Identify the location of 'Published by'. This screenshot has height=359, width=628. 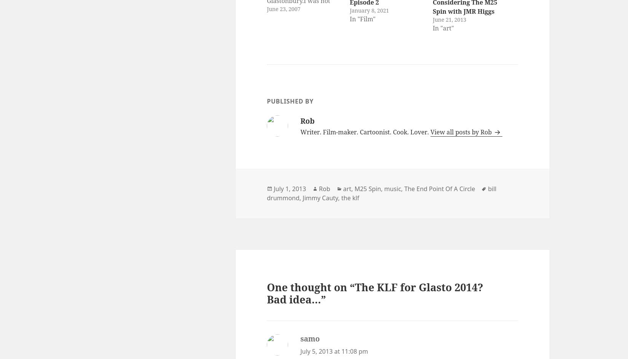
(289, 100).